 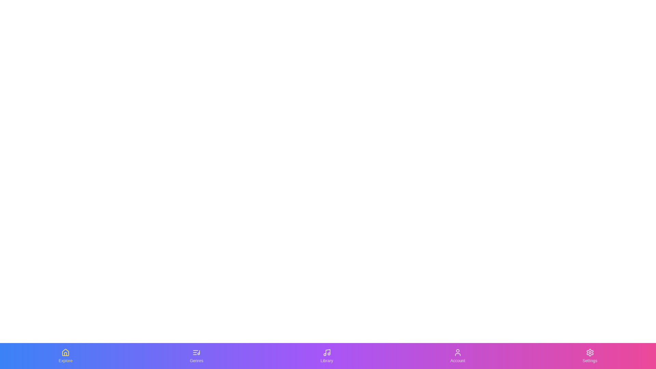 What do you see at coordinates (589, 355) in the screenshot?
I see `the tab labeled Settings` at bounding box center [589, 355].